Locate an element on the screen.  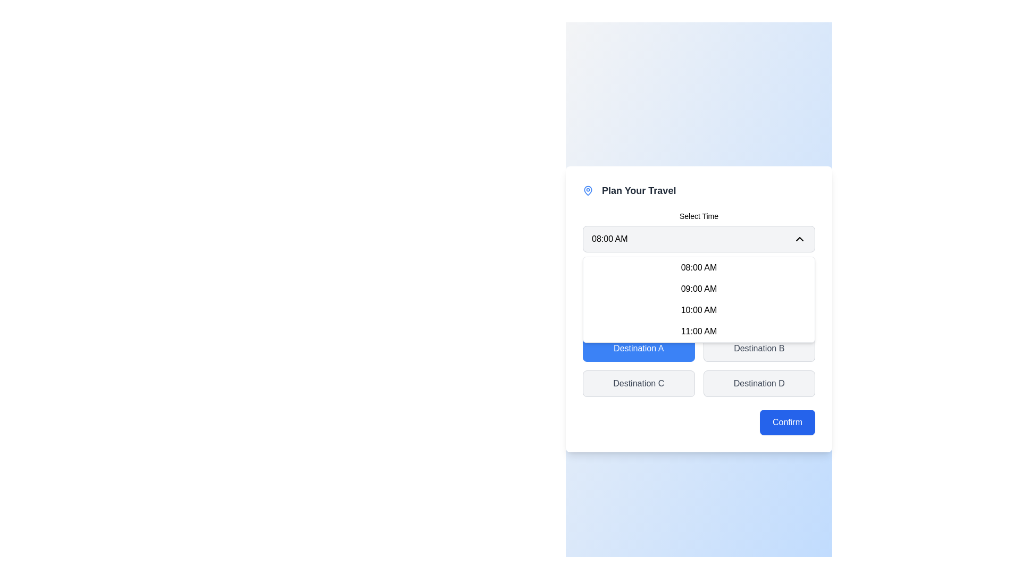
the second time option in the dropdown menu, which represents '09:00 AM' is located at coordinates (699, 289).